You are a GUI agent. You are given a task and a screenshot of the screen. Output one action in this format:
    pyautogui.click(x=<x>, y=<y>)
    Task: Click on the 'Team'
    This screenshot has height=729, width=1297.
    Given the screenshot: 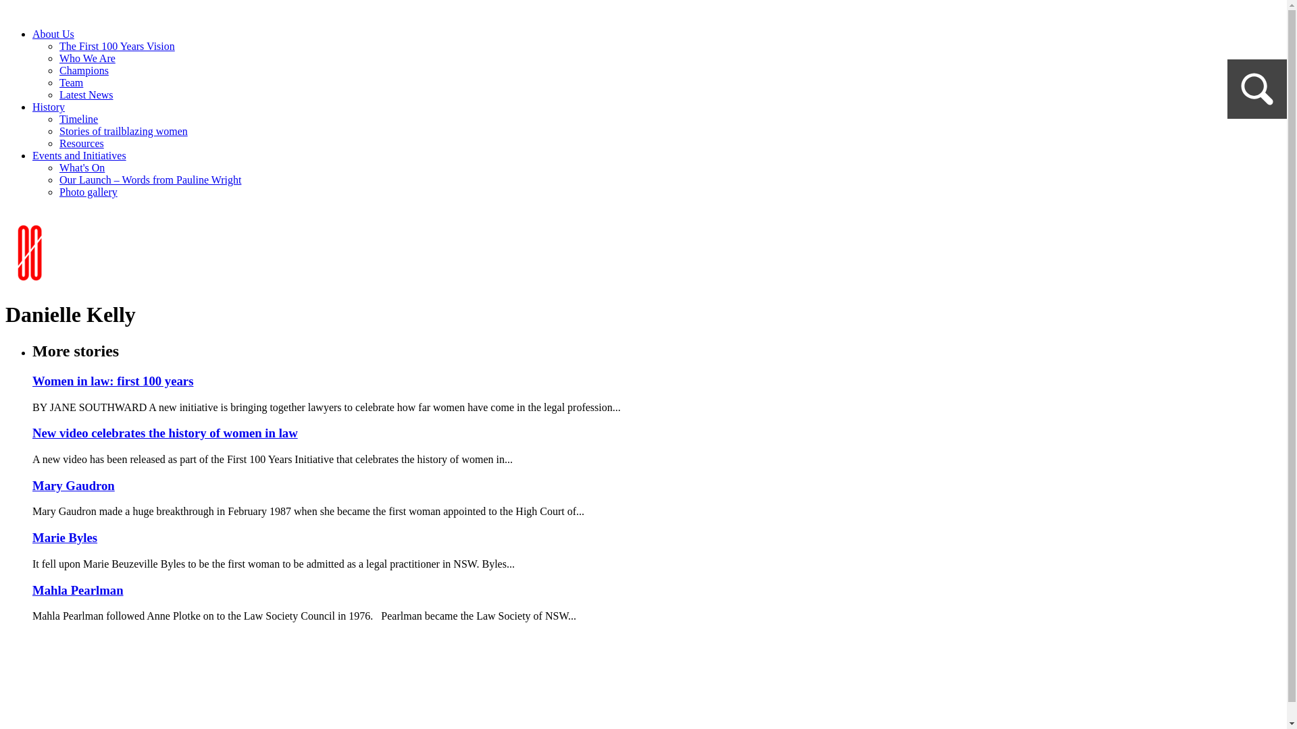 What is the action you would take?
    pyautogui.click(x=70, y=82)
    